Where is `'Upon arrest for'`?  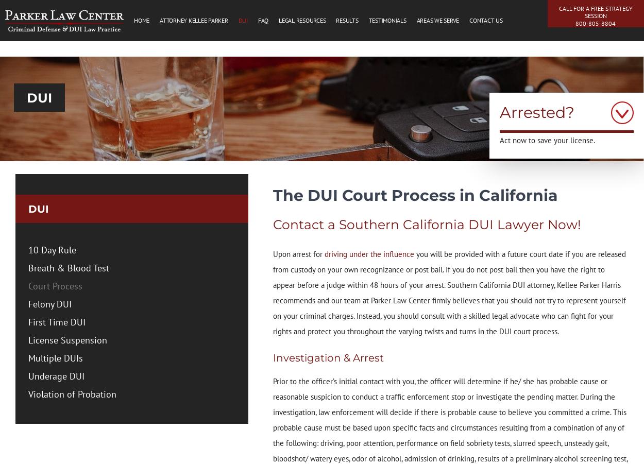 'Upon arrest for' is located at coordinates (298, 253).